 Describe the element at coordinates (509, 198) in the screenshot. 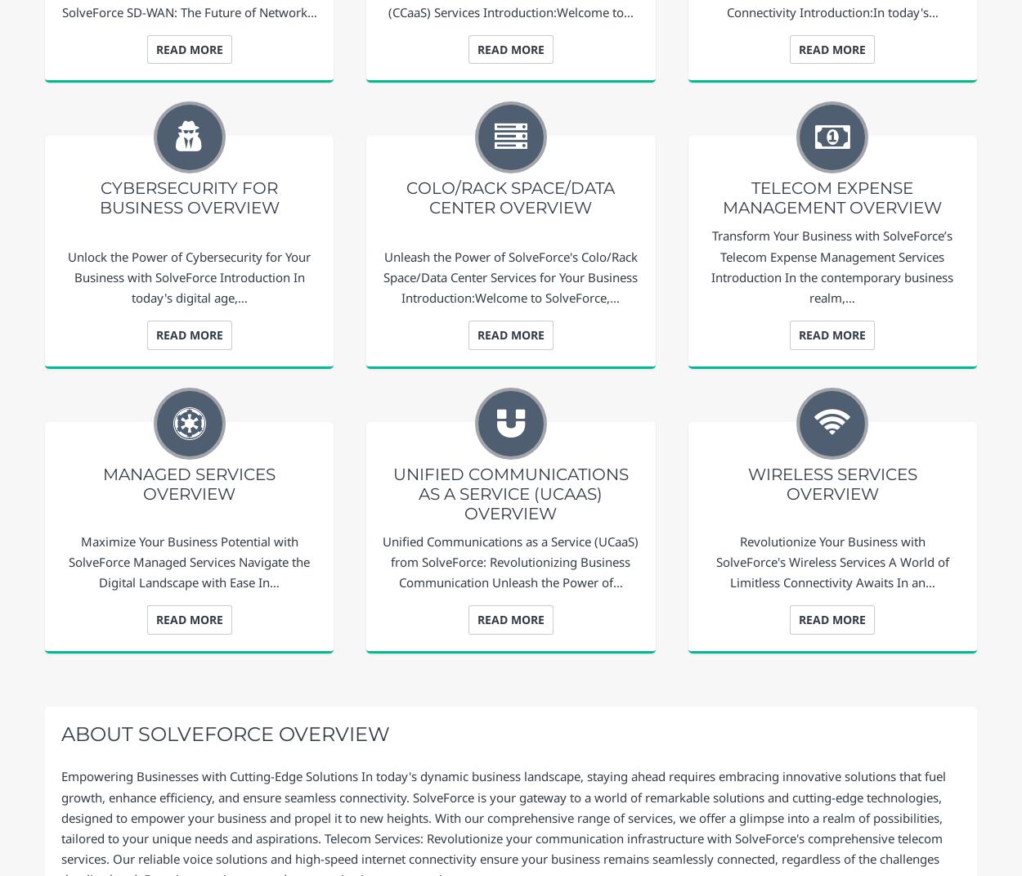

I see `'Colo/Rack Space/Data Center Overview'` at that location.